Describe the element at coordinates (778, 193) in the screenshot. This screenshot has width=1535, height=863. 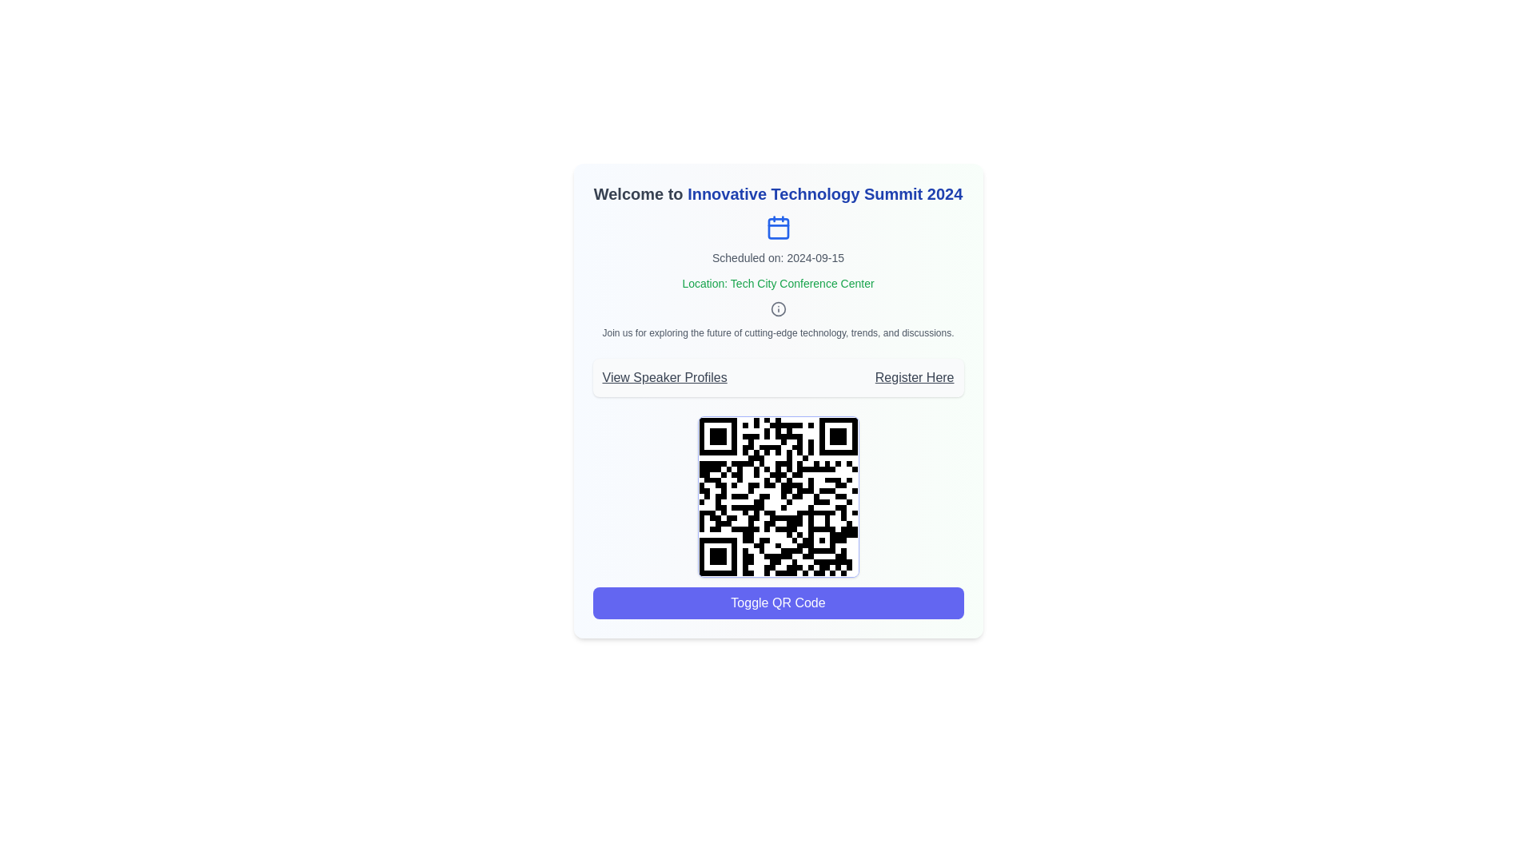
I see `the bold, large-sized header text reading 'Welcome to Innovative Technology Summit 2024', which is styled in blue and black and located at the top of the informational widget` at that location.